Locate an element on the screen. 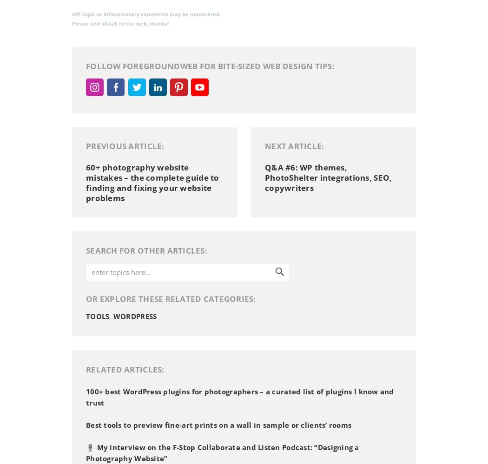 The width and height of the screenshot is (488, 464). '60+ photography website mistakes – the complete guide to finding and fixing your website problems' is located at coordinates (86, 182).